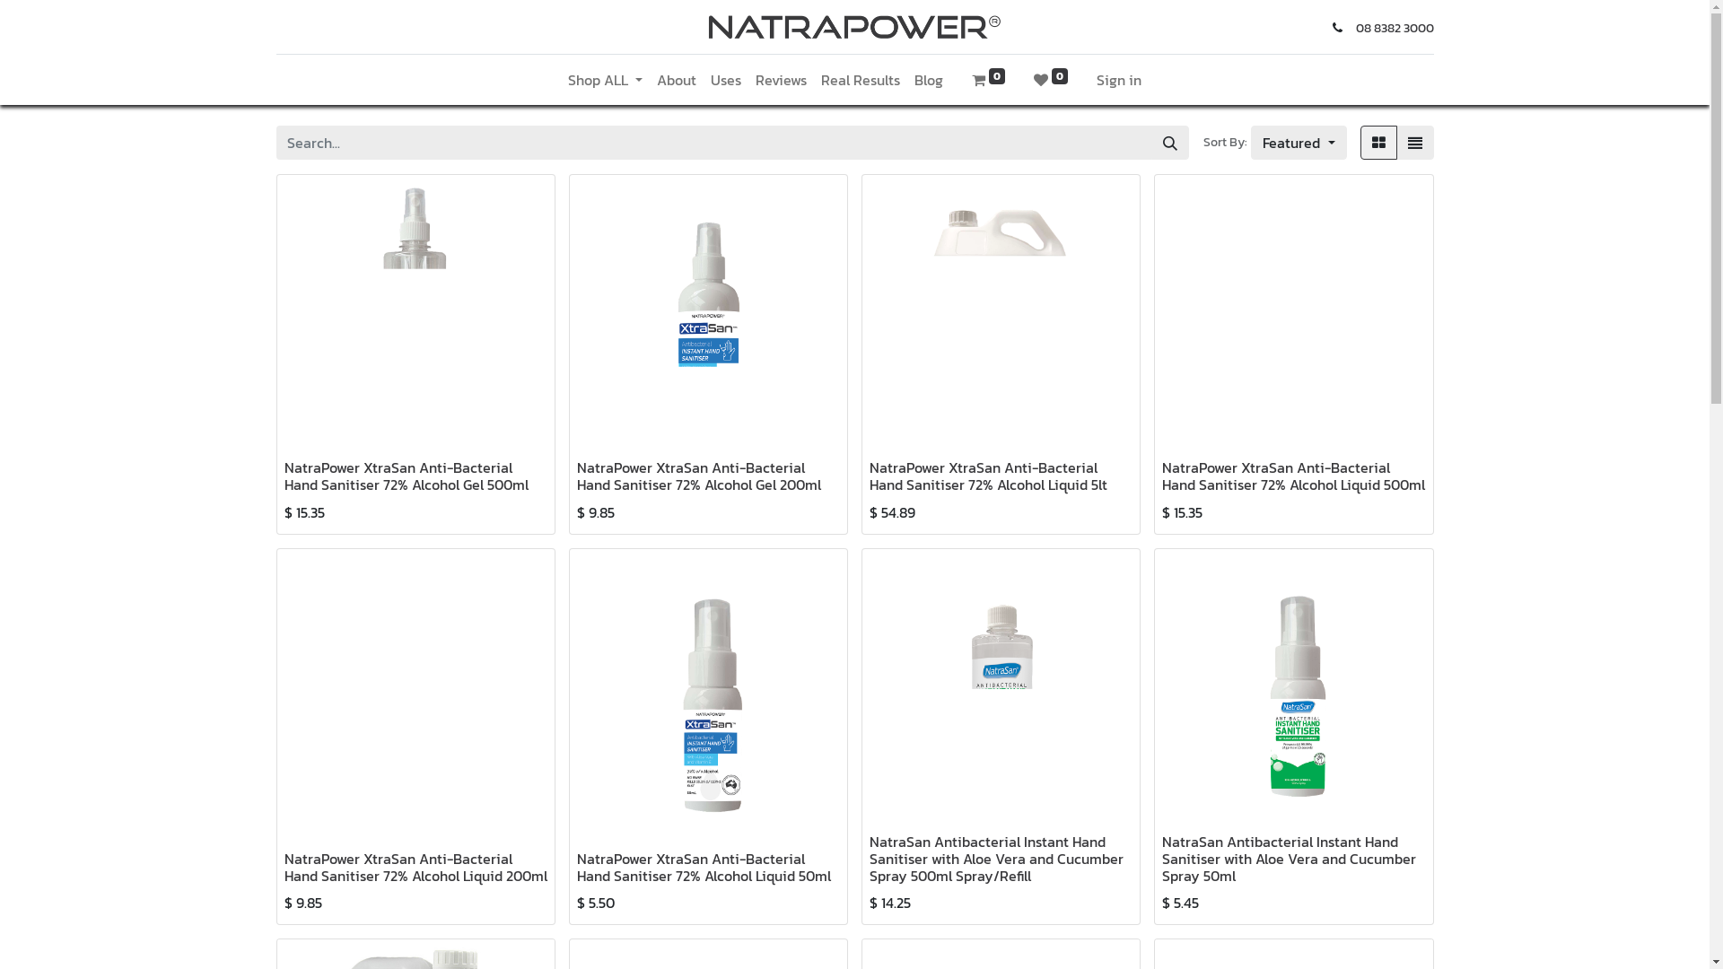  What do you see at coordinates (605, 78) in the screenshot?
I see `'Shop ALL'` at bounding box center [605, 78].